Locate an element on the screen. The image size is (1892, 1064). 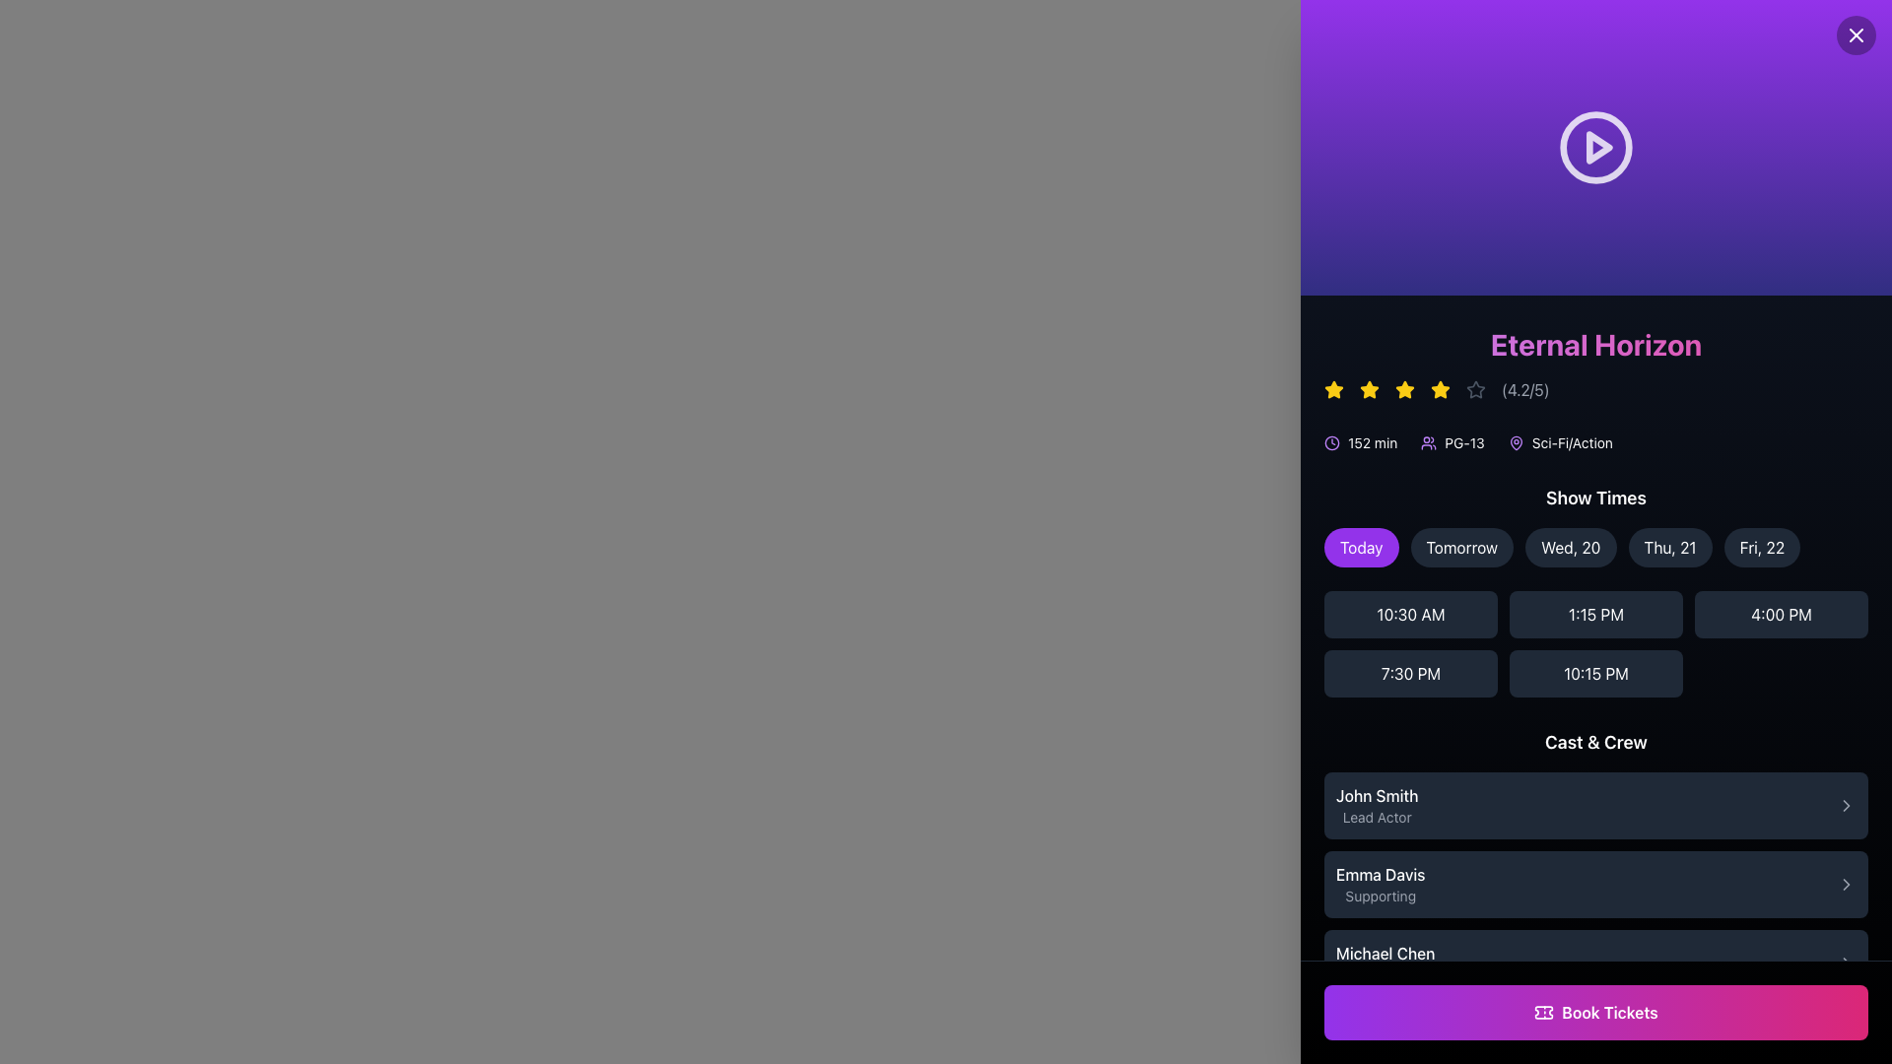
the SVG Icon located at the far right side of the box containing the text 'Emma Davis' and 'Supporting' is located at coordinates (1845, 884).